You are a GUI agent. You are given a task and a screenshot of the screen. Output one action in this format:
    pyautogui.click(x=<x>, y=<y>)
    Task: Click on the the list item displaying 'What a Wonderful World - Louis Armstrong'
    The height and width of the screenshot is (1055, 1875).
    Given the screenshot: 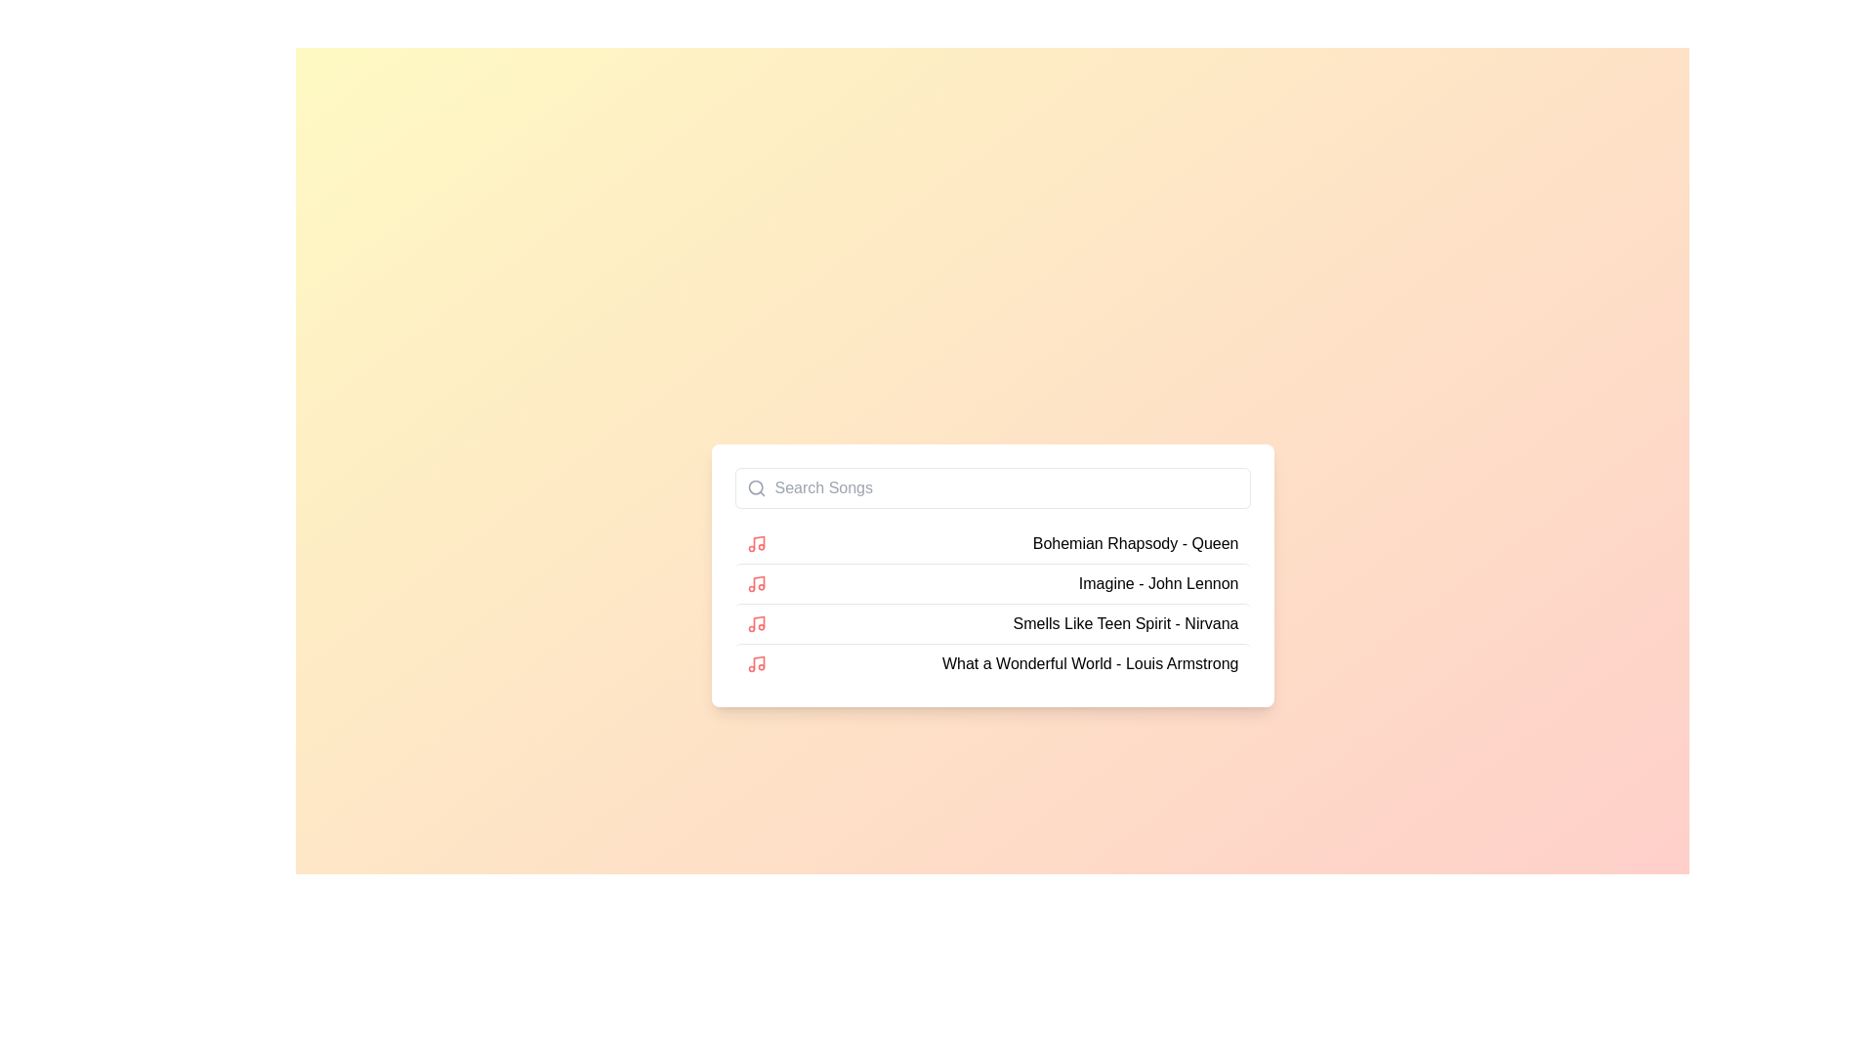 What is the action you would take?
    pyautogui.click(x=992, y=661)
    